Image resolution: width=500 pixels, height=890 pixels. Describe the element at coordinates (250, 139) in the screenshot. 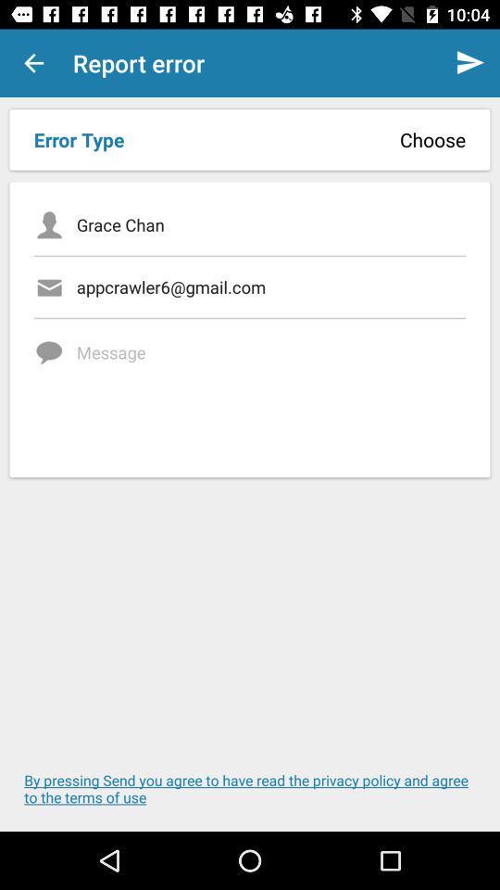

I see `error type box which also has choose option on the right hand side` at that location.